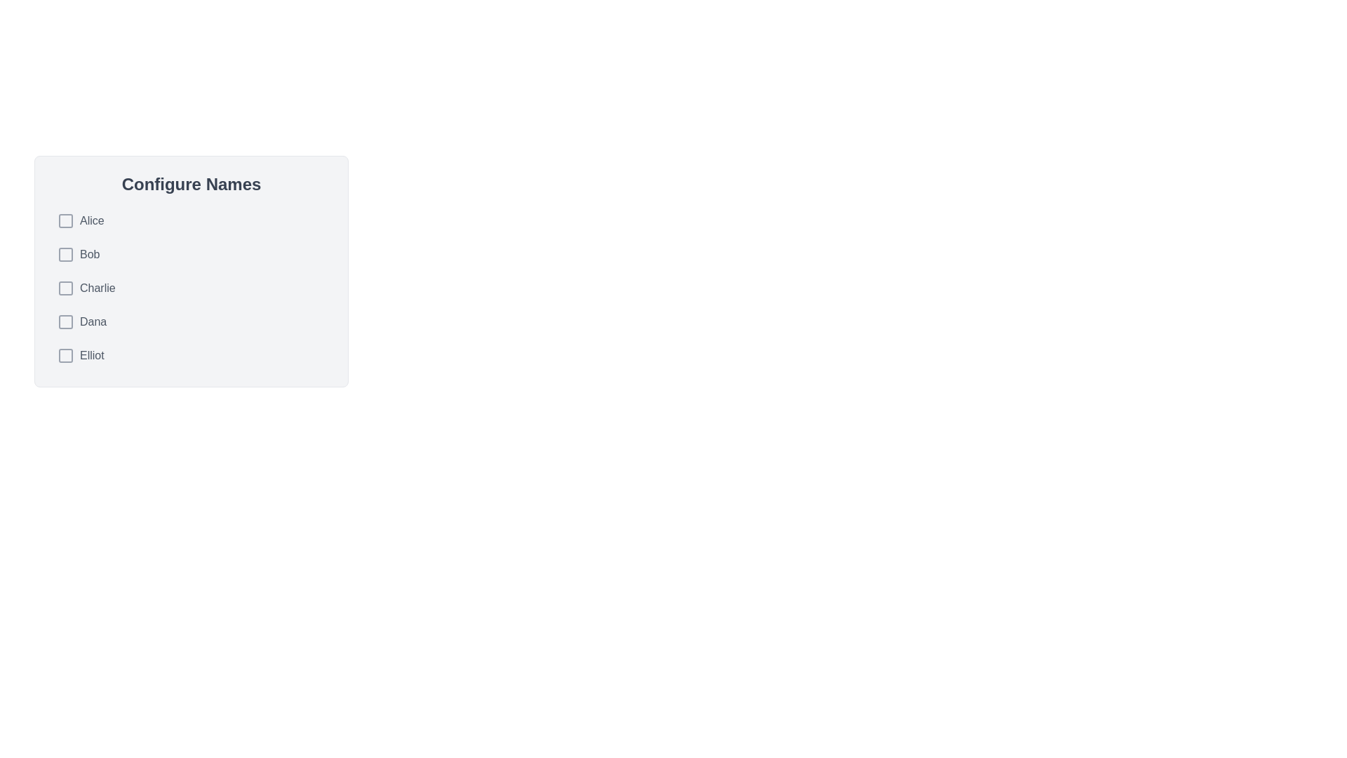 The width and height of the screenshot is (1347, 758). Describe the element at coordinates (80, 221) in the screenshot. I see `the checkbox for the list entry labeled 'Alice' in the 'Configure Names' selection list` at that location.